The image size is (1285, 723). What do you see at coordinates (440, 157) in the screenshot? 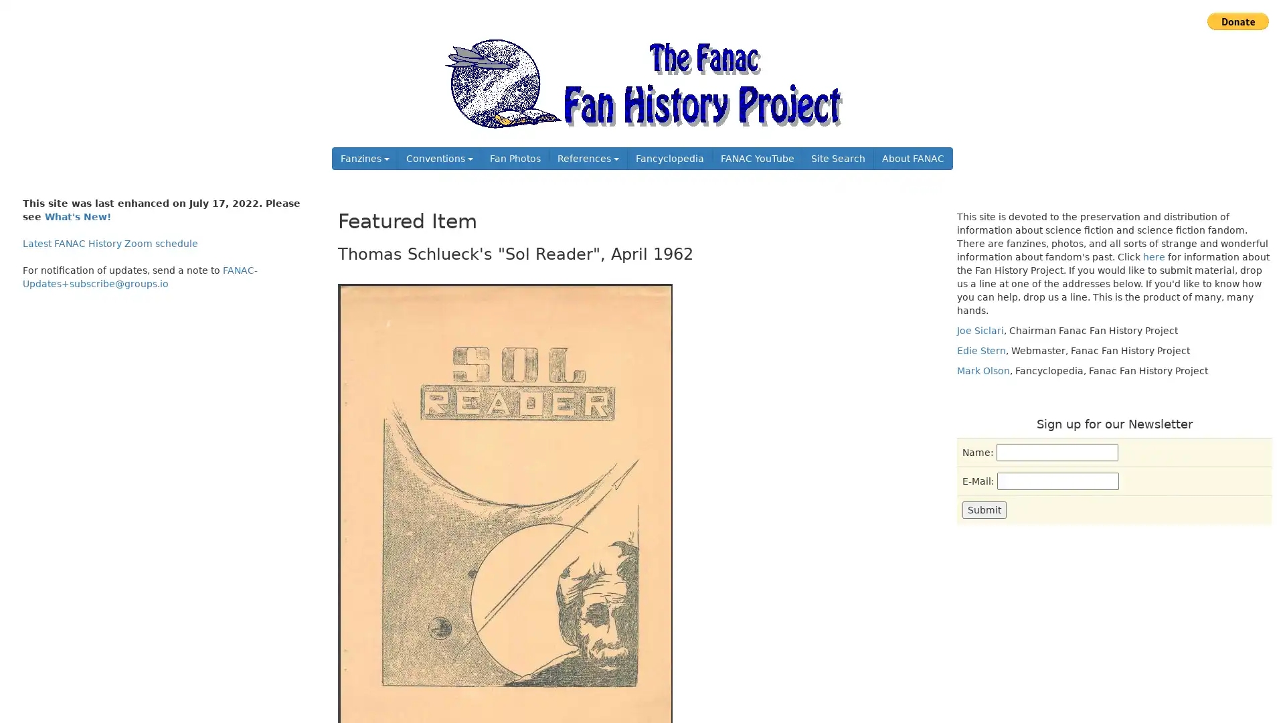
I see `Conventions` at bounding box center [440, 157].